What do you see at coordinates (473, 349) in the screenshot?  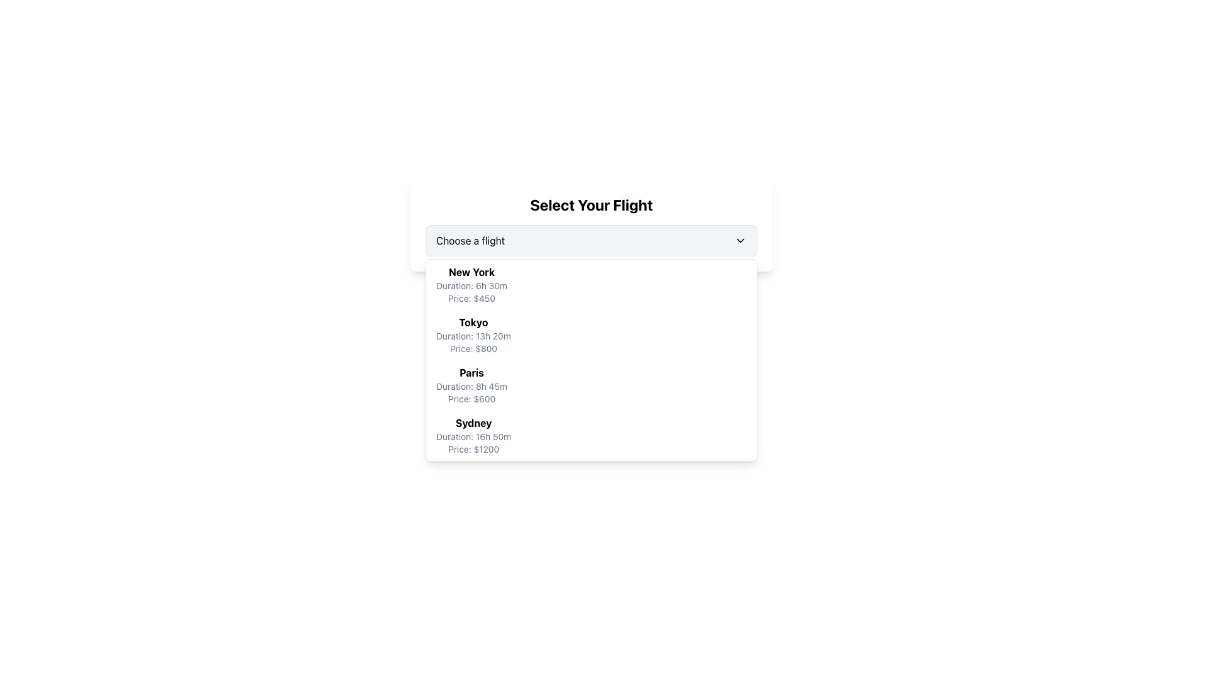 I see `the 'Price: $800' text label, which is displayed in gray and located below the 'Duration: 13h 20m' text` at bounding box center [473, 349].